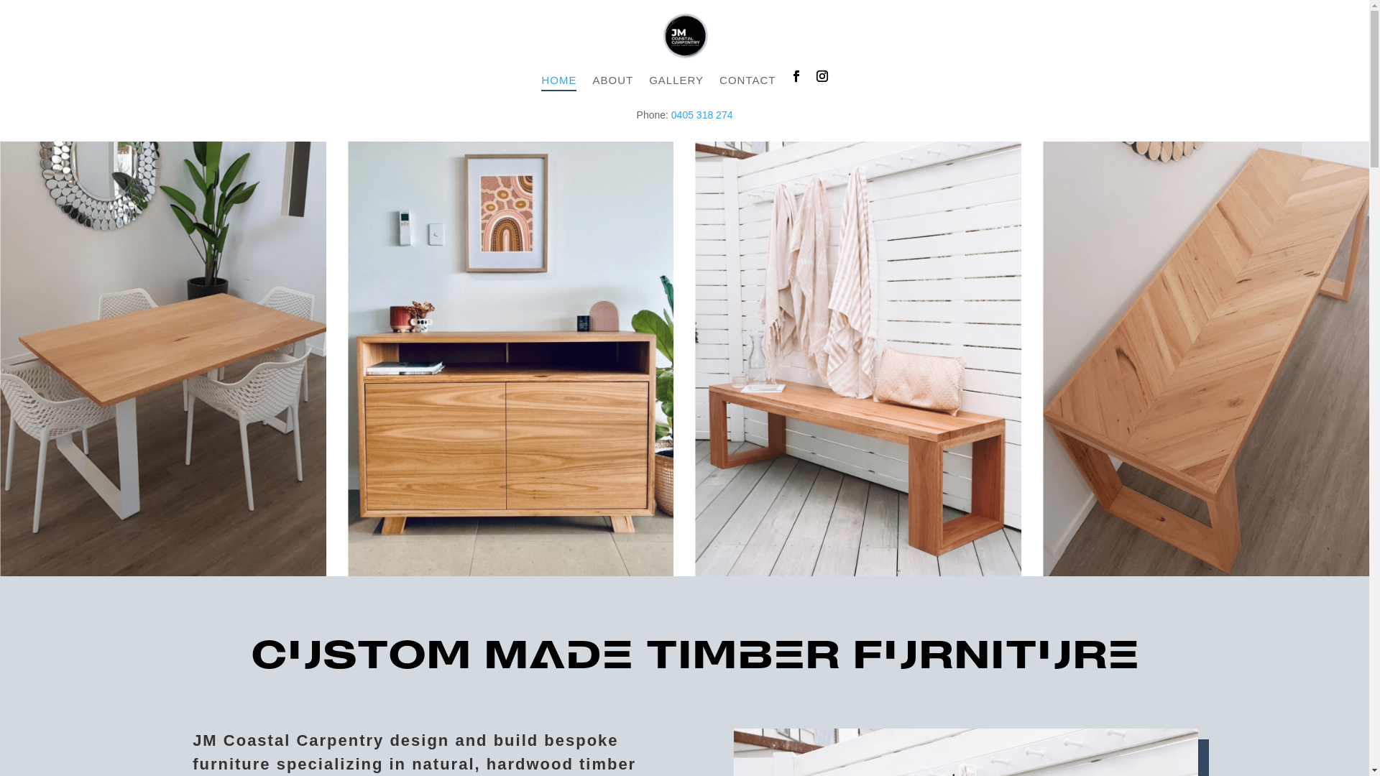 Image resolution: width=1380 pixels, height=776 pixels. Describe the element at coordinates (675, 91) in the screenshot. I see `'GALLERY'` at that location.